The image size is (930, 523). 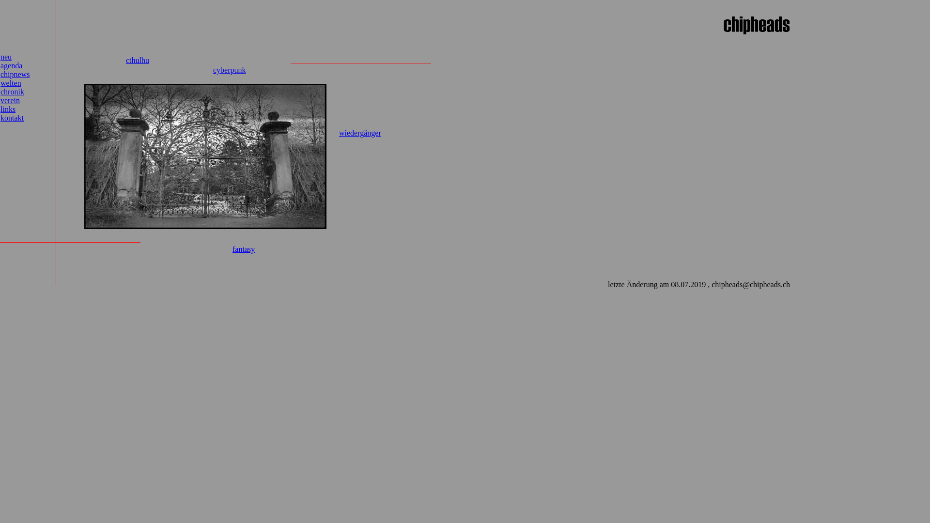 What do you see at coordinates (12, 92) in the screenshot?
I see `'chronik'` at bounding box center [12, 92].